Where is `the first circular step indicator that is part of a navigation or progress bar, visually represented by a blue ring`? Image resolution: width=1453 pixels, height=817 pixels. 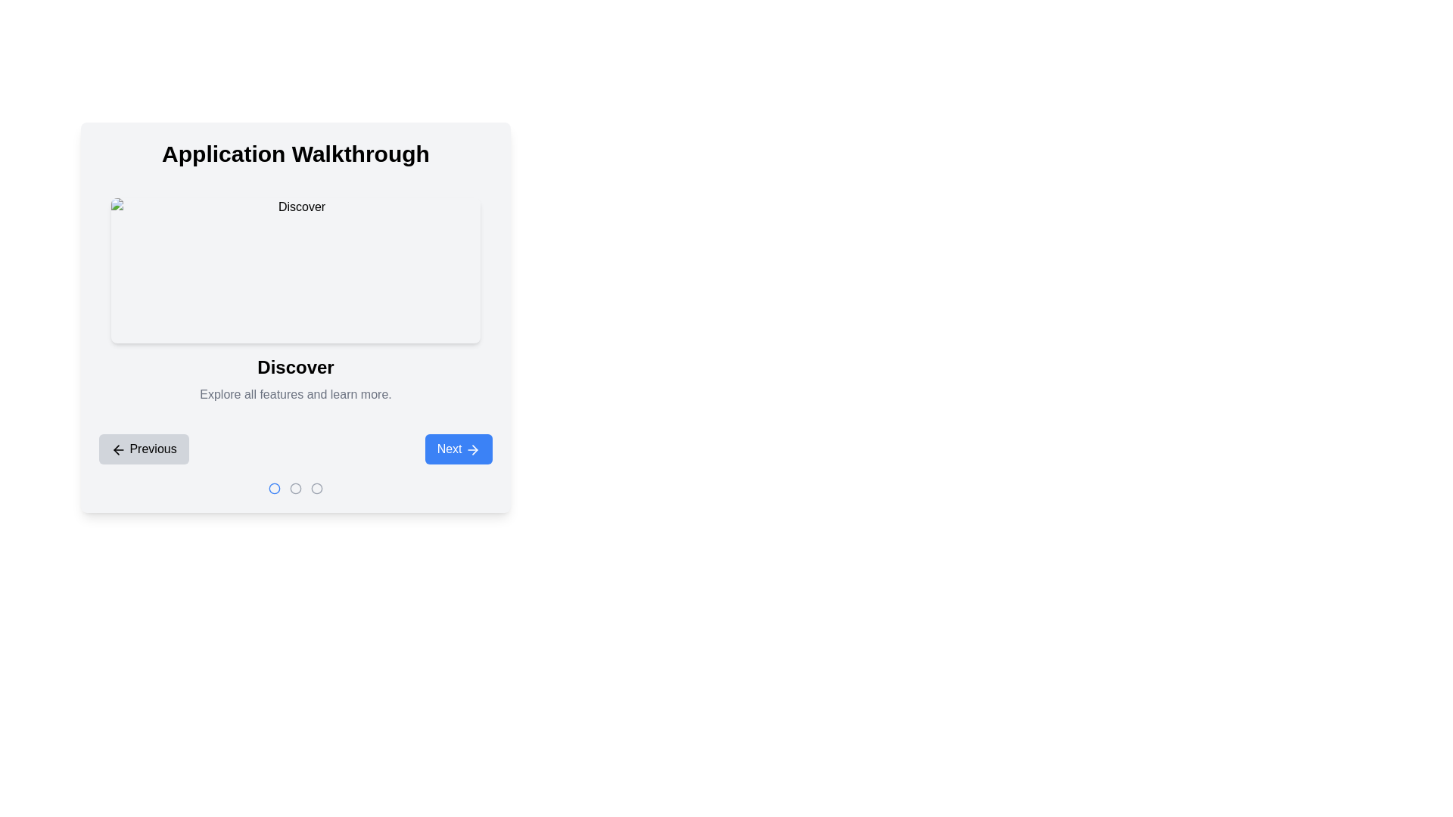
the first circular step indicator that is part of a navigation or progress bar, visually represented by a blue ring is located at coordinates (275, 488).